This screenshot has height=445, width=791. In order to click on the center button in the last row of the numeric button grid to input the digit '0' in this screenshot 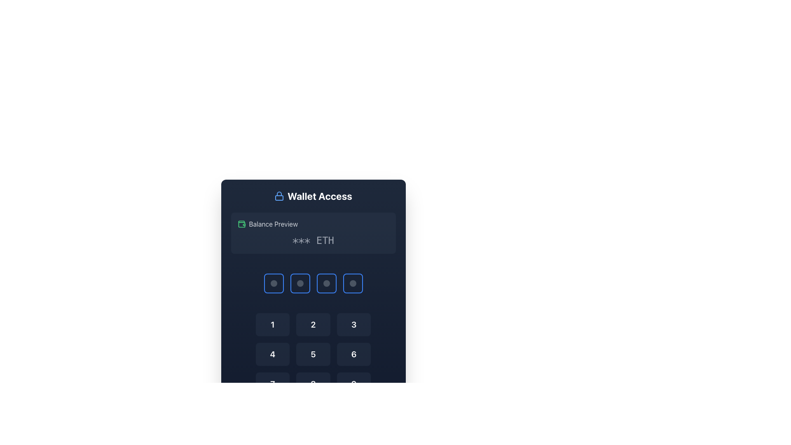, I will do `click(313, 413)`.